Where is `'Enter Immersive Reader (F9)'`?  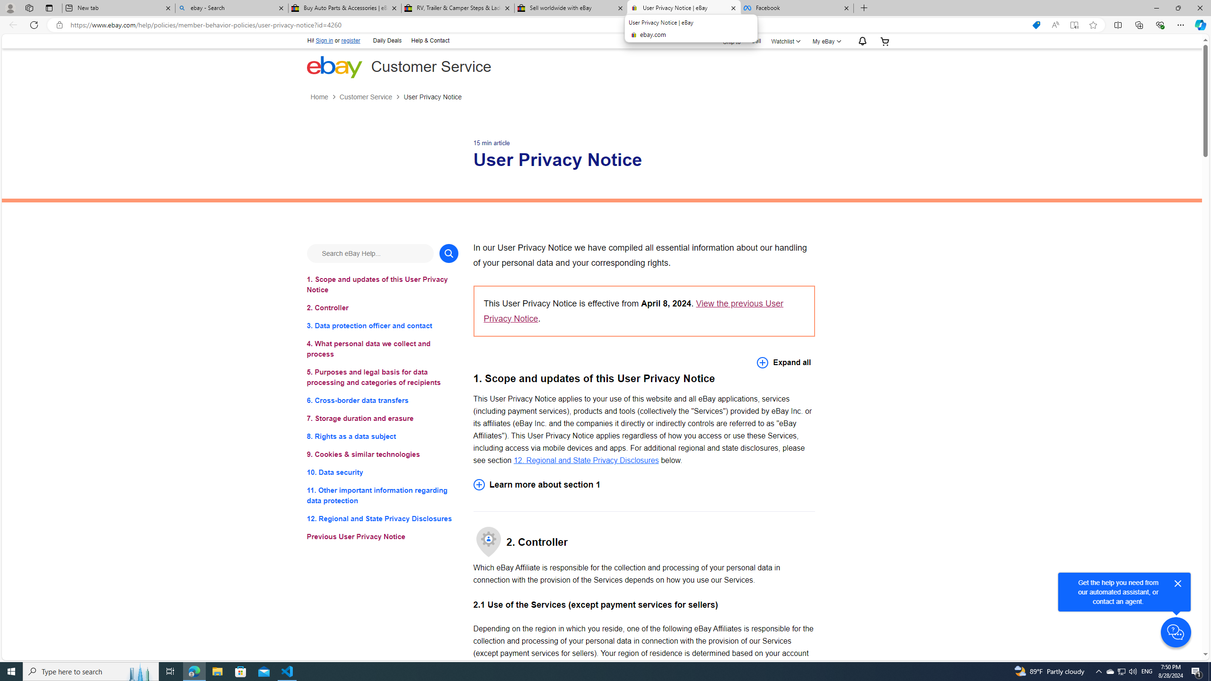 'Enter Immersive Reader (F9)' is located at coordinates (1074, 25).